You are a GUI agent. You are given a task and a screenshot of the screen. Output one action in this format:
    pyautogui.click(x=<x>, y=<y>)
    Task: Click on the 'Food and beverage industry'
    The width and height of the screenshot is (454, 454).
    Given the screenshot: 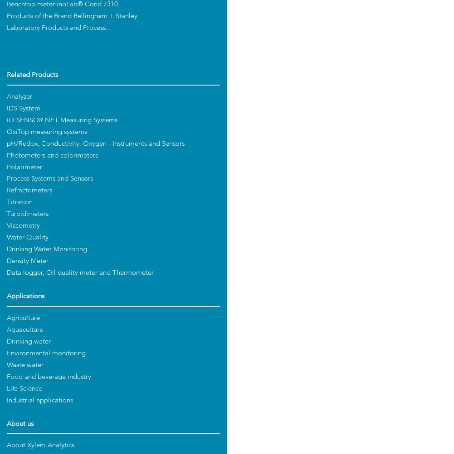 What is the action you would take?
    pyautogui.click(x=49, y=377)
    